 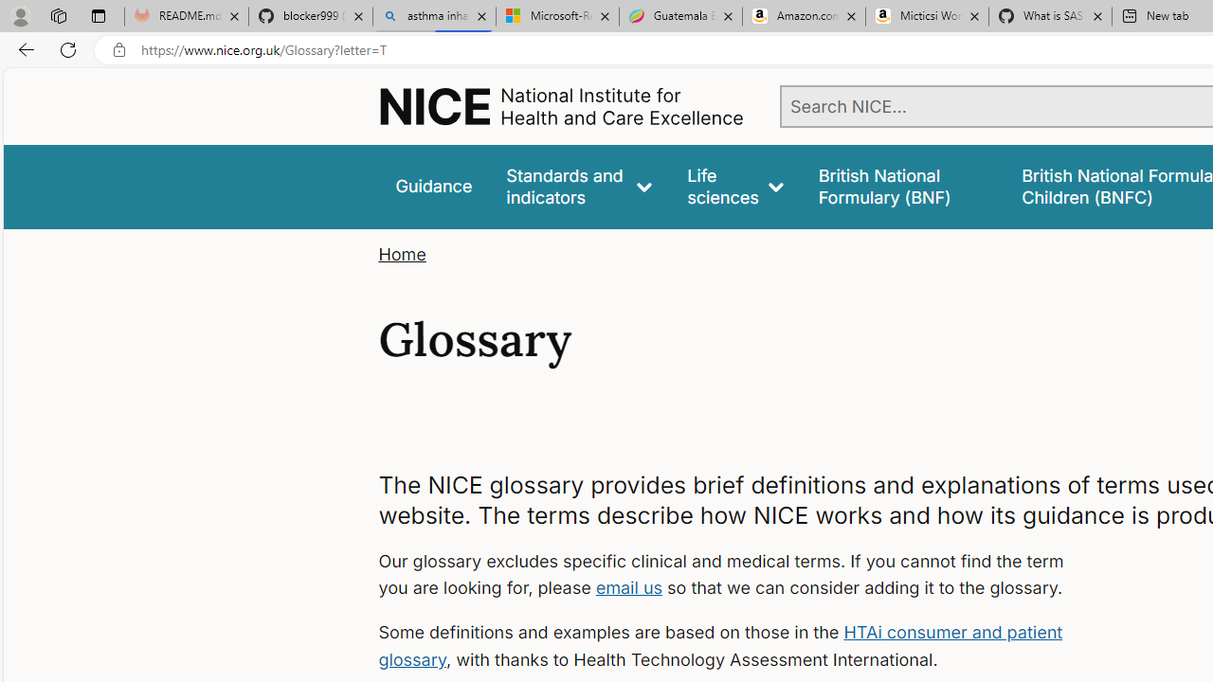 What do you see at coordinates (433, 187) in the screenshot?
I see `'Guidance'` at bounding box center [433, 187].